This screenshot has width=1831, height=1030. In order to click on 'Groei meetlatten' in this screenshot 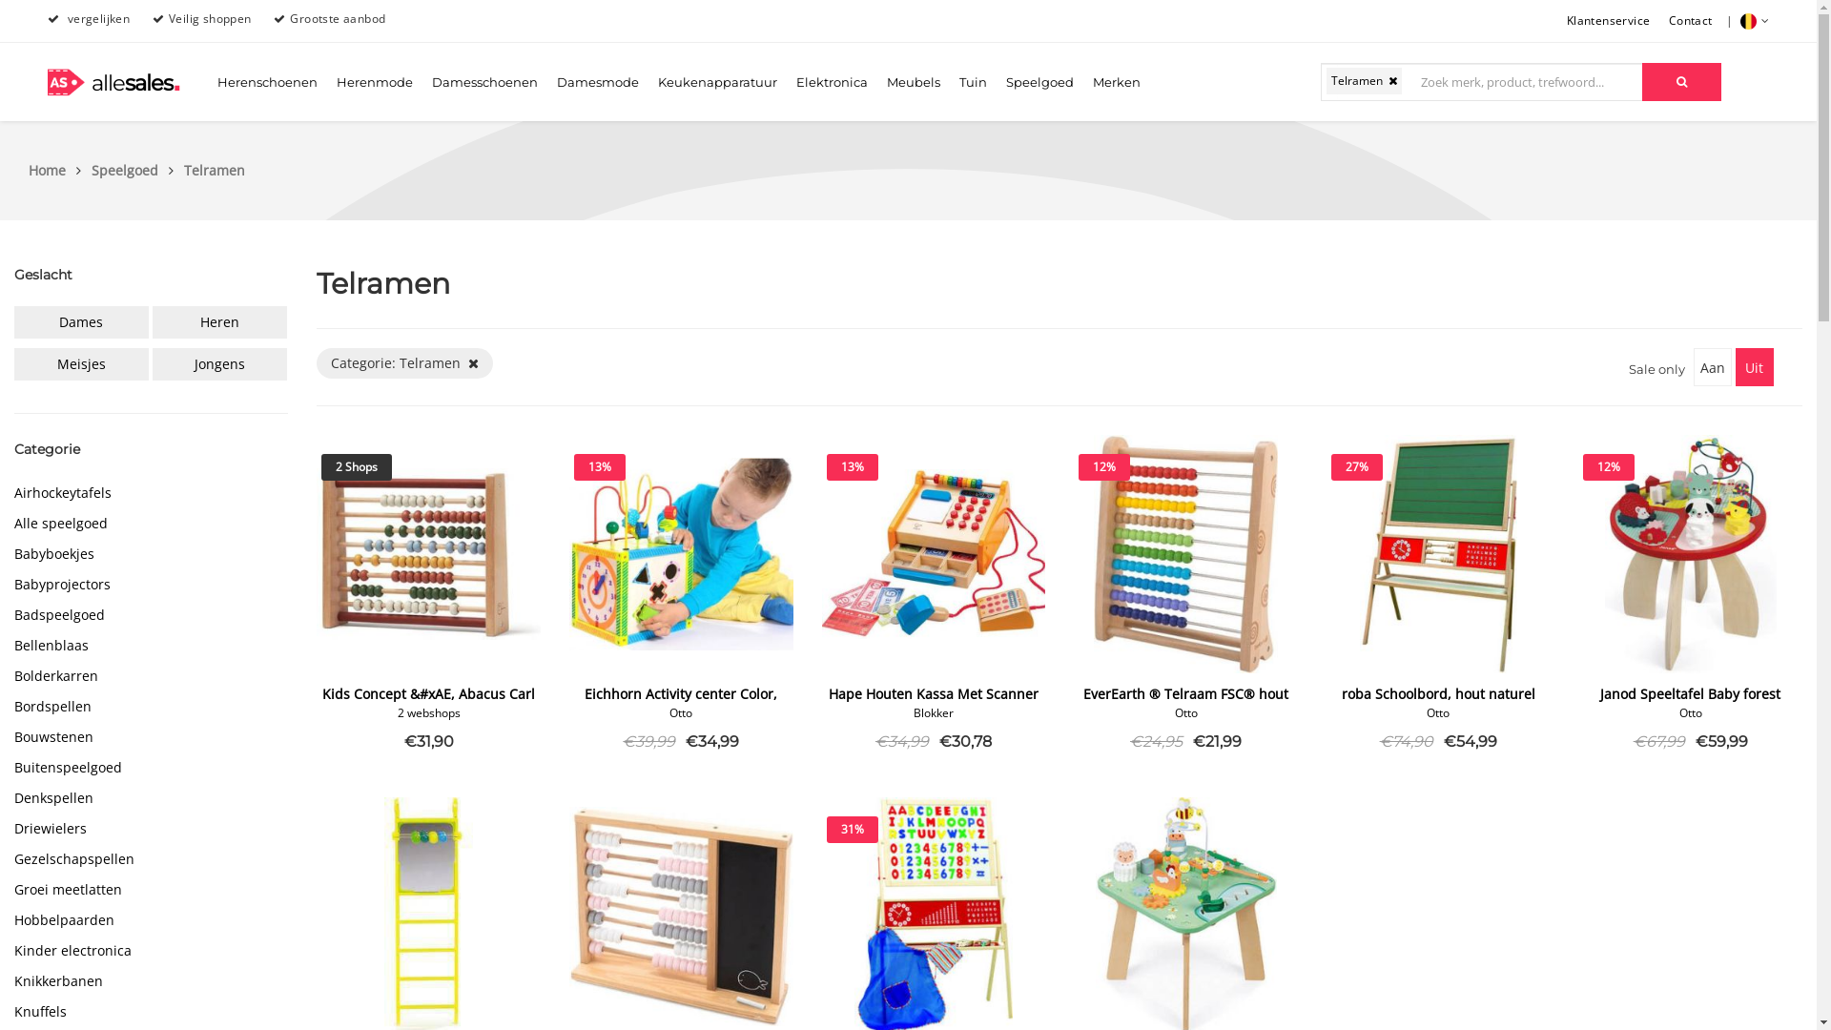, I will do `click(150, 890)`.